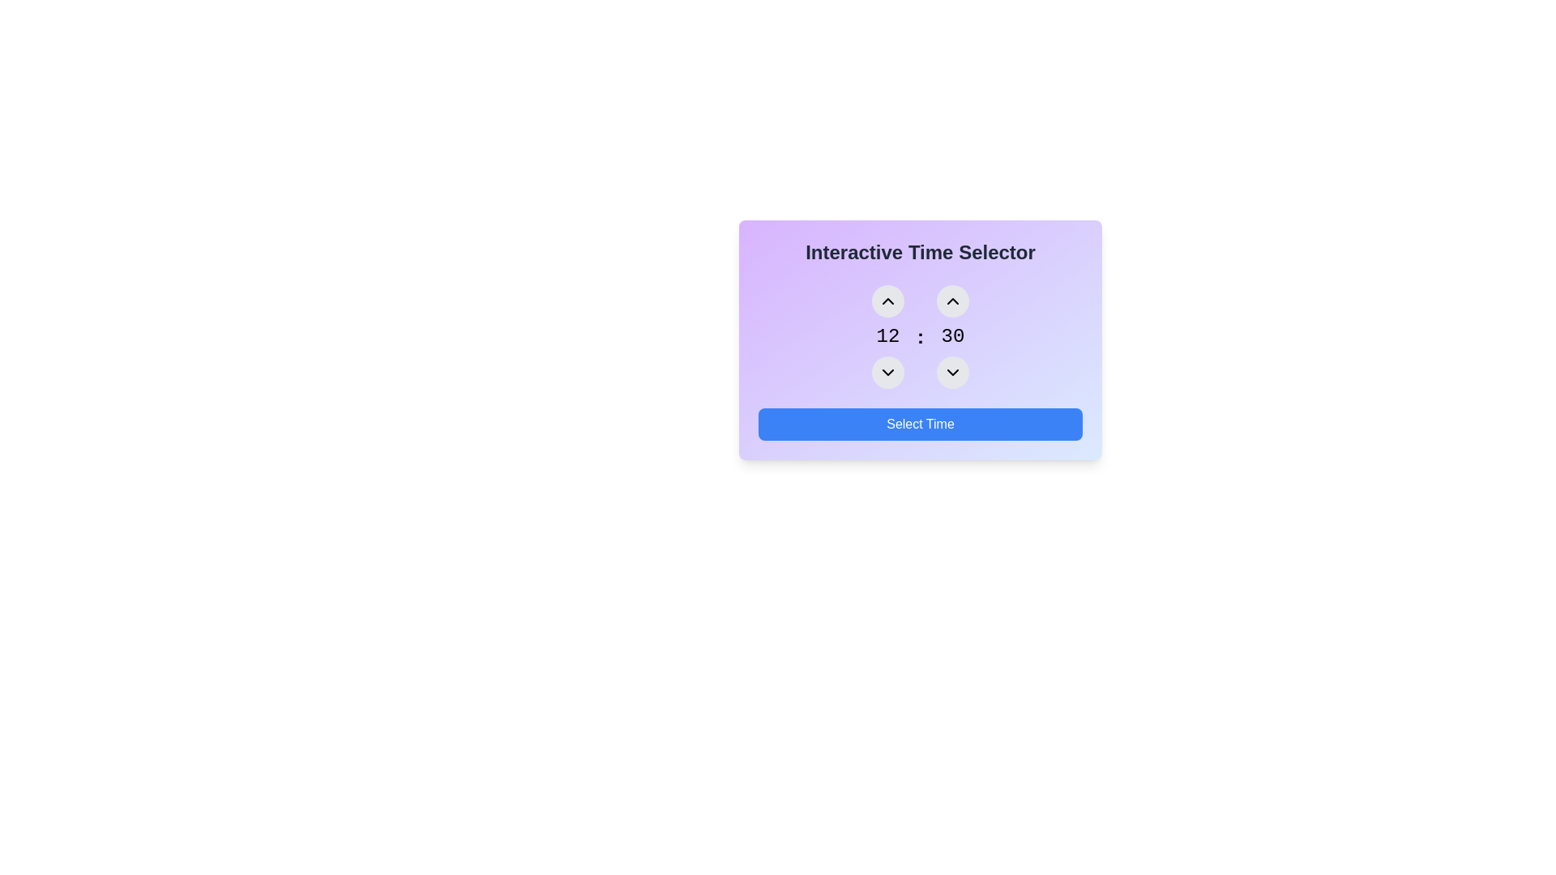 This screenshot has width=1556, height=875. Describe the element at coordinates (953, 372) in the screenshot. I see `the circular button that decreases the number displayed above it, which currently shows '30'` at that location.